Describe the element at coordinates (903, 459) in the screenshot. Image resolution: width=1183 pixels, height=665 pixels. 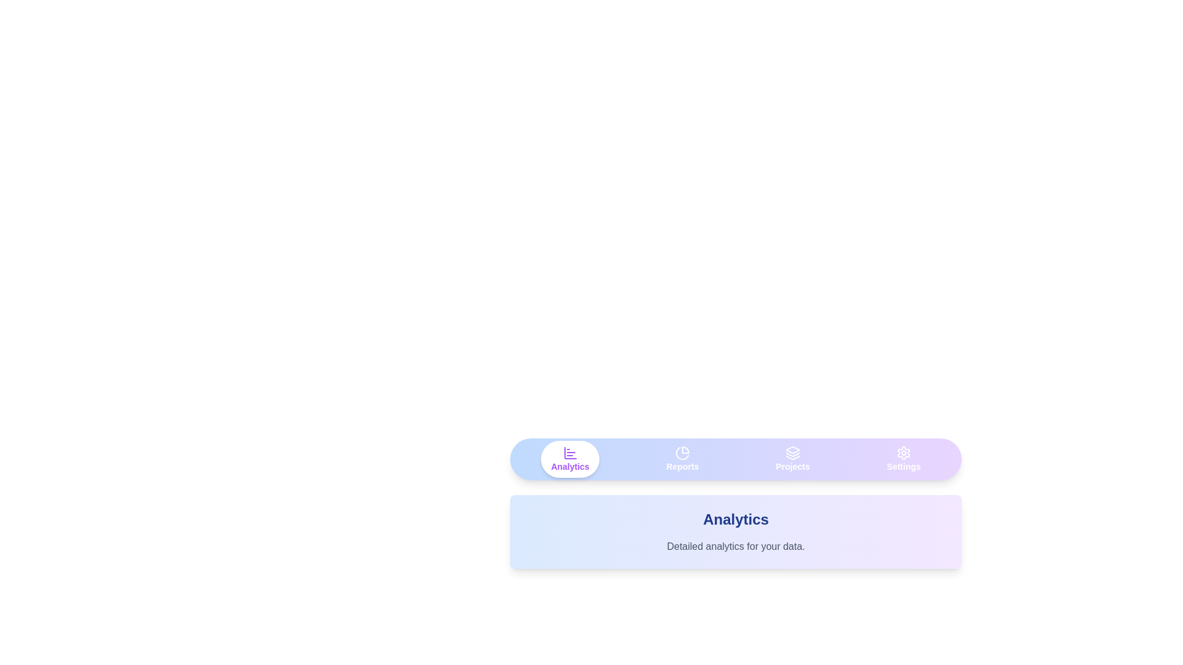
I see `the tab labeled Settings to view its content` at that location.